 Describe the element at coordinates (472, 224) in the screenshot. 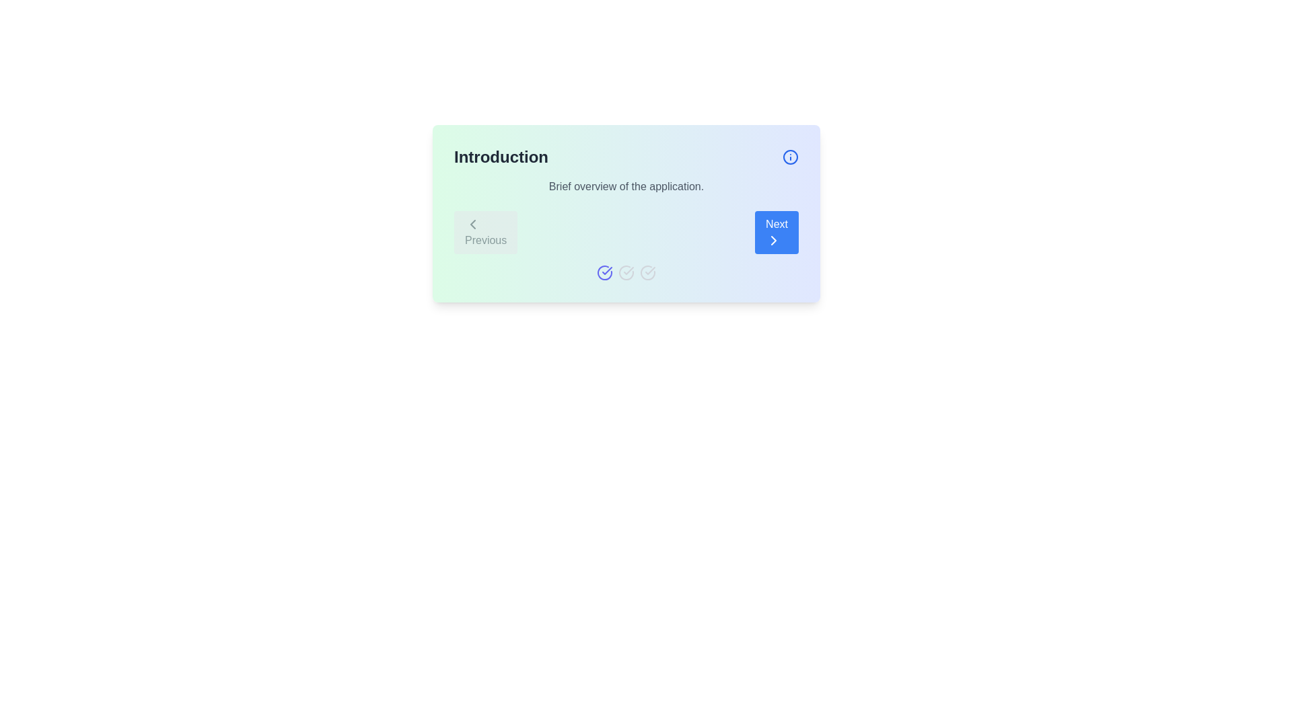

I see `the left chevron icon contained within the 'Previous' button, which allows users to navigate to the preceding step in the 'Introduction' section` at that location.